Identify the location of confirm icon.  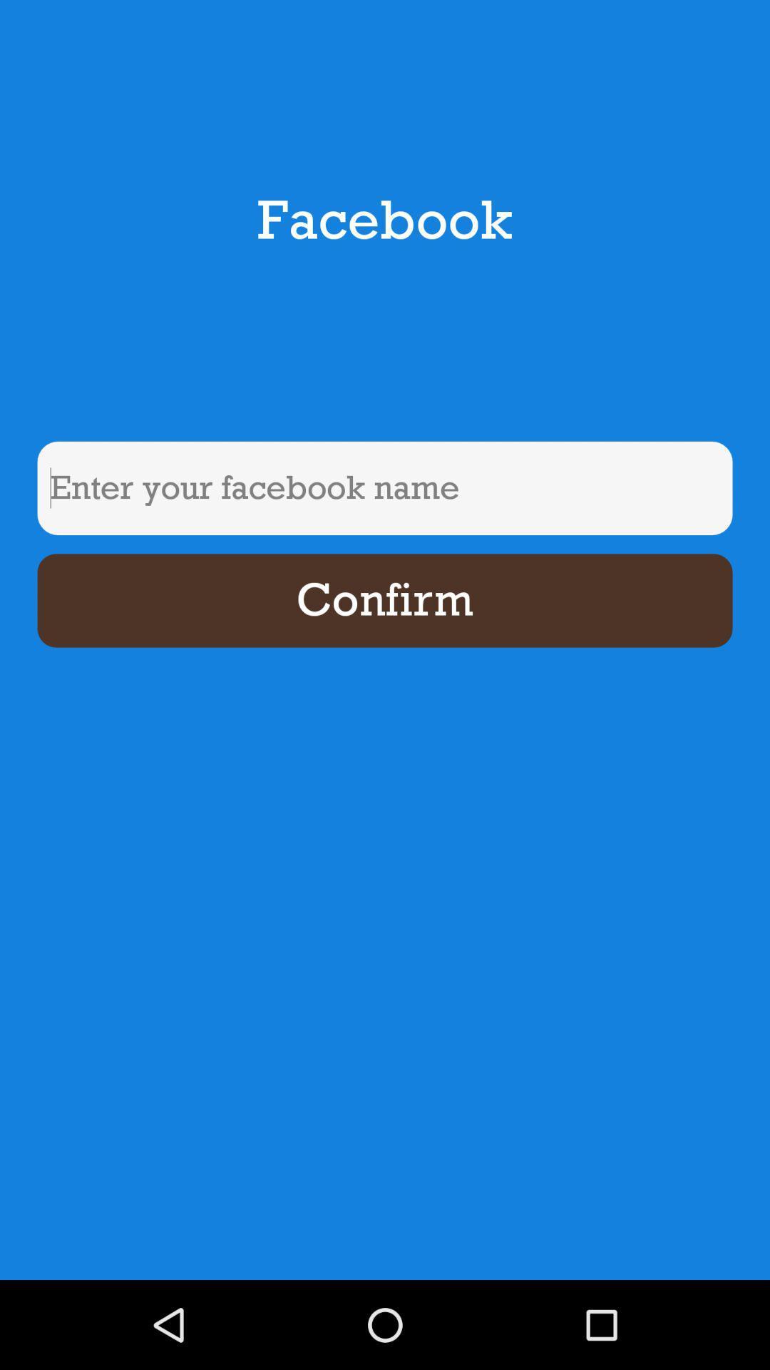
(385, 600).